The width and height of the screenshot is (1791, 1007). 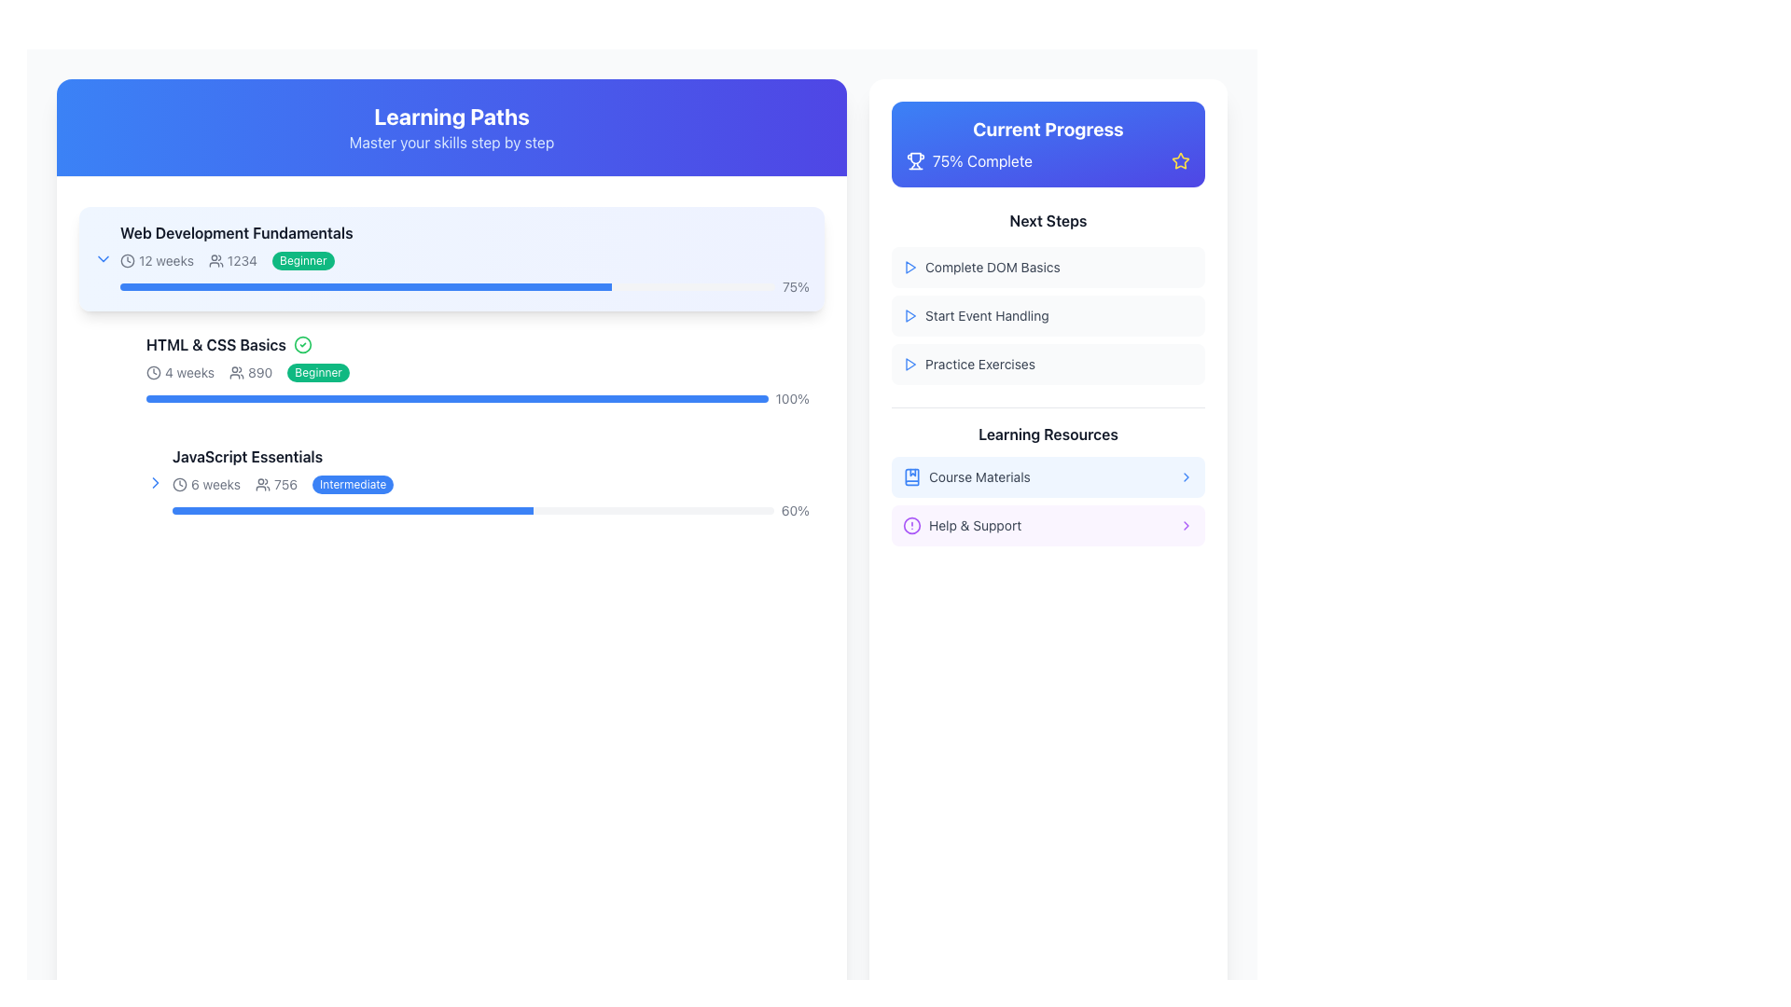 I want to click on the list item labeled 'Start Event Handling' located in the 'Next Steps' section, so click(x=1048, y=297).